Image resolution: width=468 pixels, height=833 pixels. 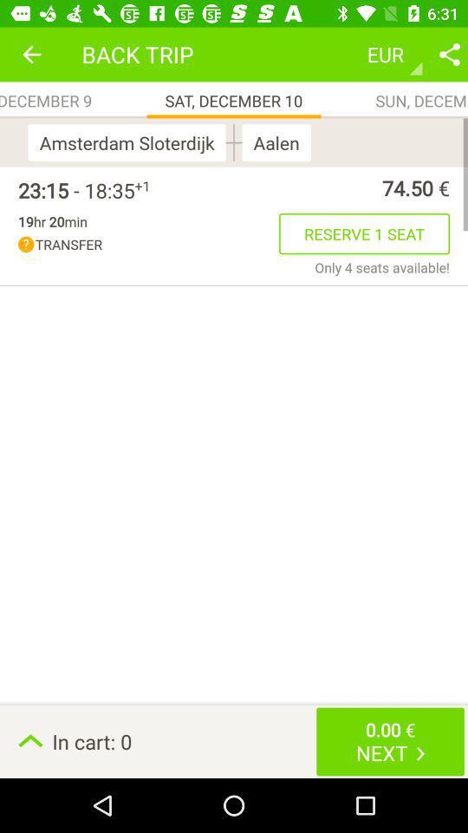 What do you see at coordinates (363, 233) in the screenshot?
I see `the reserve 1 seat icon` at bounding box center [363, 233].